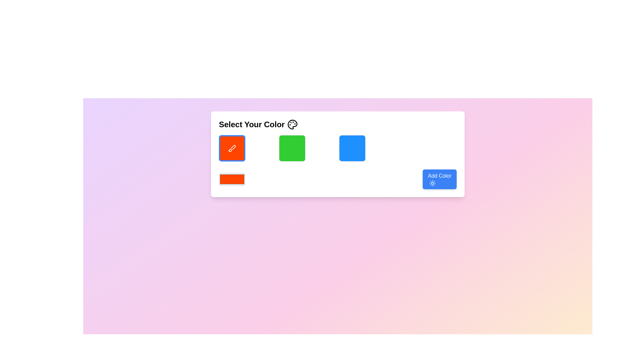  I want to click on the color selection icon located in the top left segment of the color selection grid, so click(232, 148).